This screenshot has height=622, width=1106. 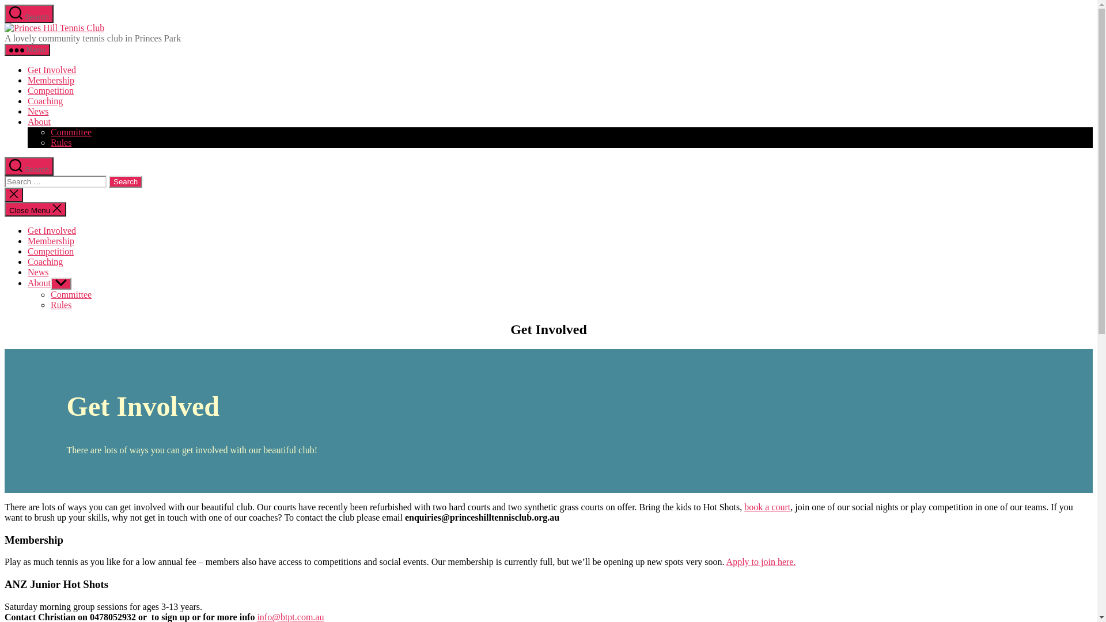 What do you see at coordinates (50, 251) in the screenshot?
I see `'Competition'` at bounding box center [50, 251].